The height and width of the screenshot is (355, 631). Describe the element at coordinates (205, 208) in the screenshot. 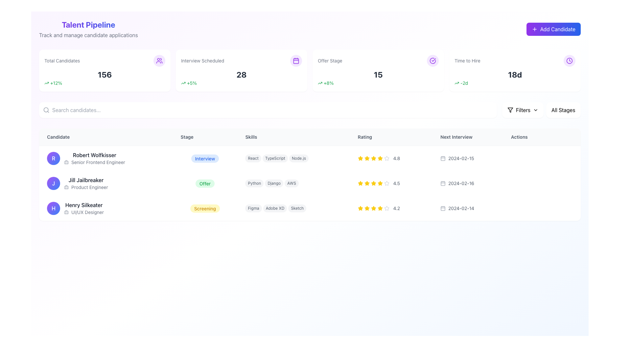

I see `the 'Screening' label in the candidates' table corresponding to 'Henry Silkeater'` at that location.